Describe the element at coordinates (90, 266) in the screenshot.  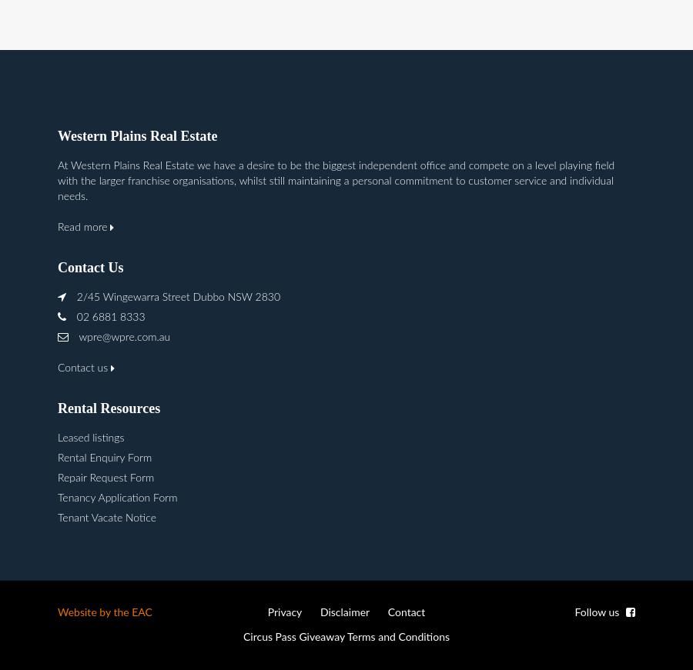
I see `'Contact Us'` at that location.